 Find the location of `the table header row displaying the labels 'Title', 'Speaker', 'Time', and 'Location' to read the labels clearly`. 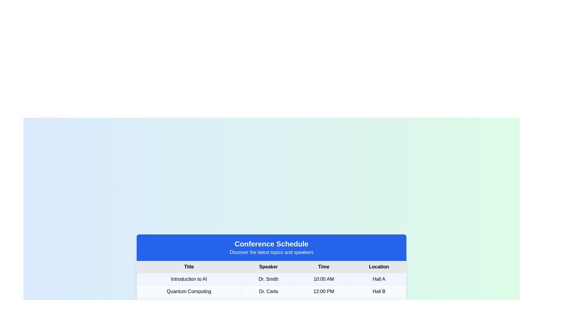

the table header row displaying the labels 'Title', 'Speaker', 'Time', and 'Location' to read the labels clearly is located at coordinates (271, 267).